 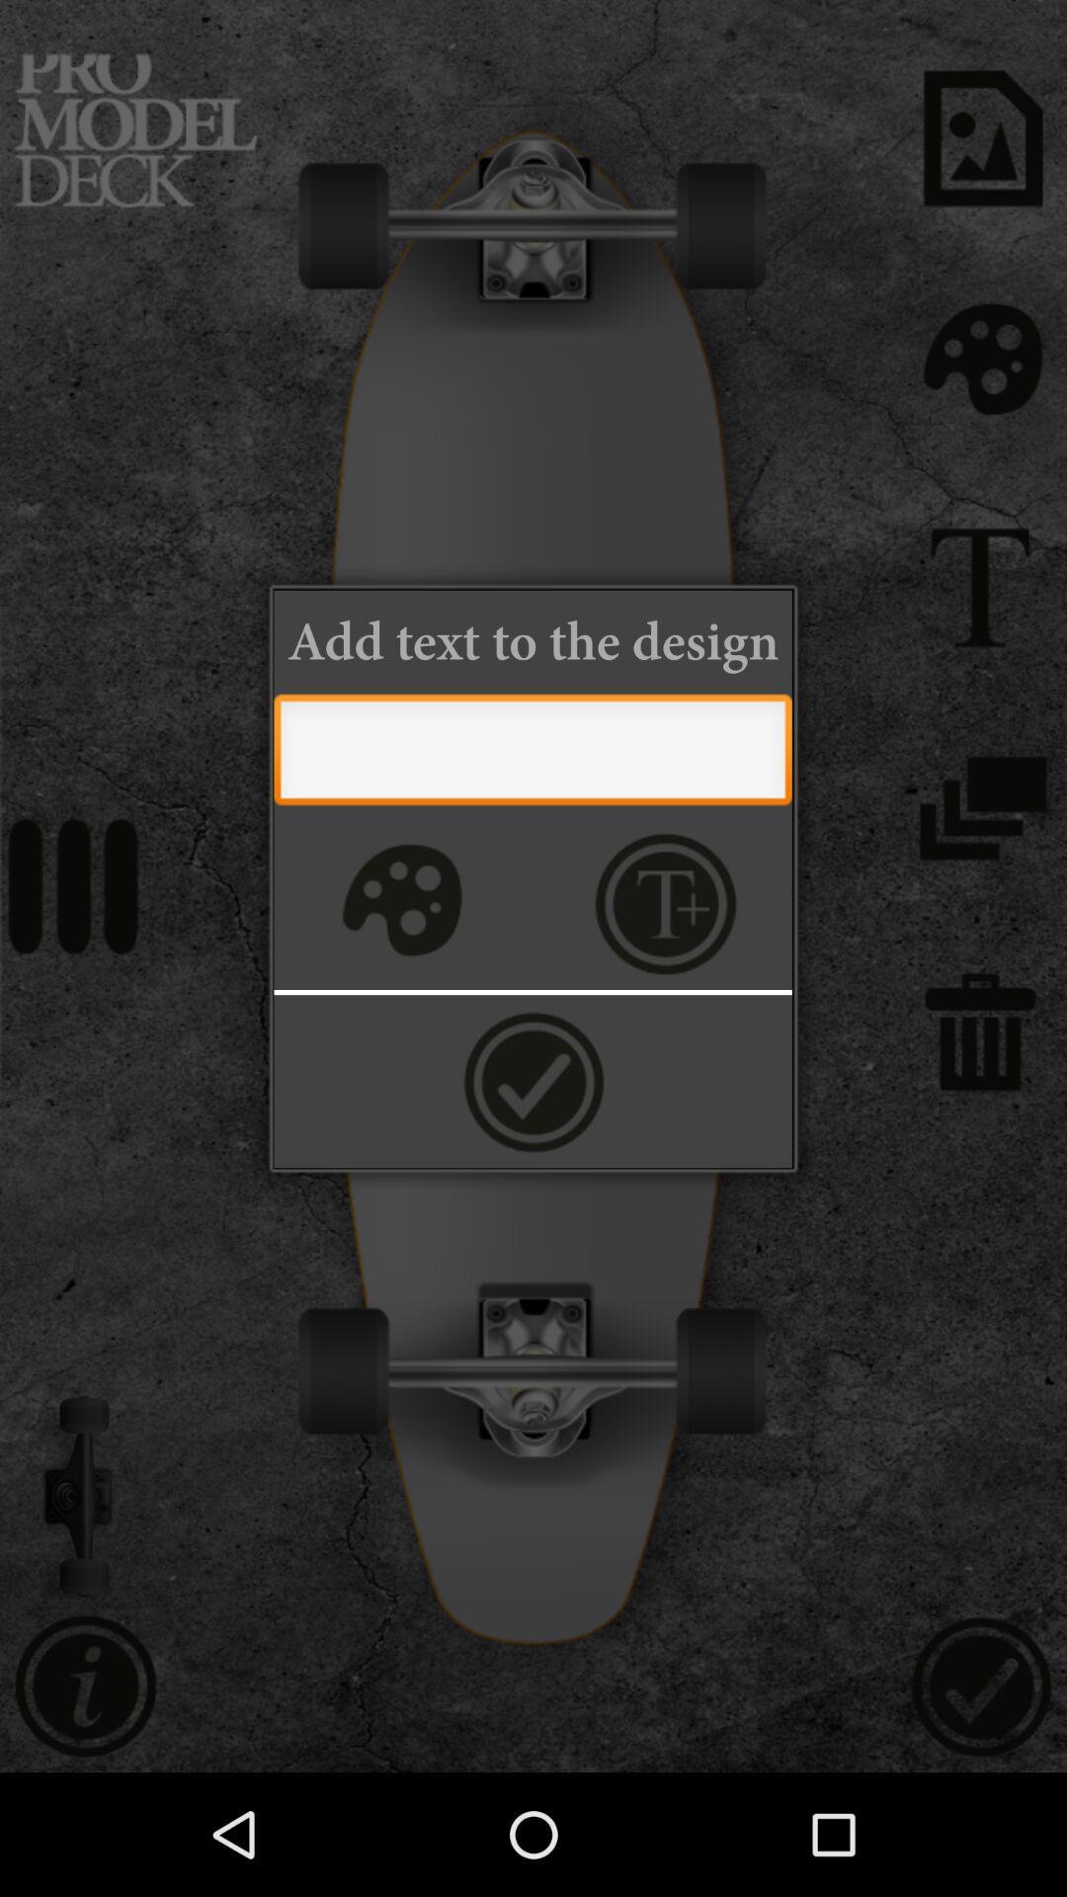 I want to click on type the text, so click(x=532, y=754).